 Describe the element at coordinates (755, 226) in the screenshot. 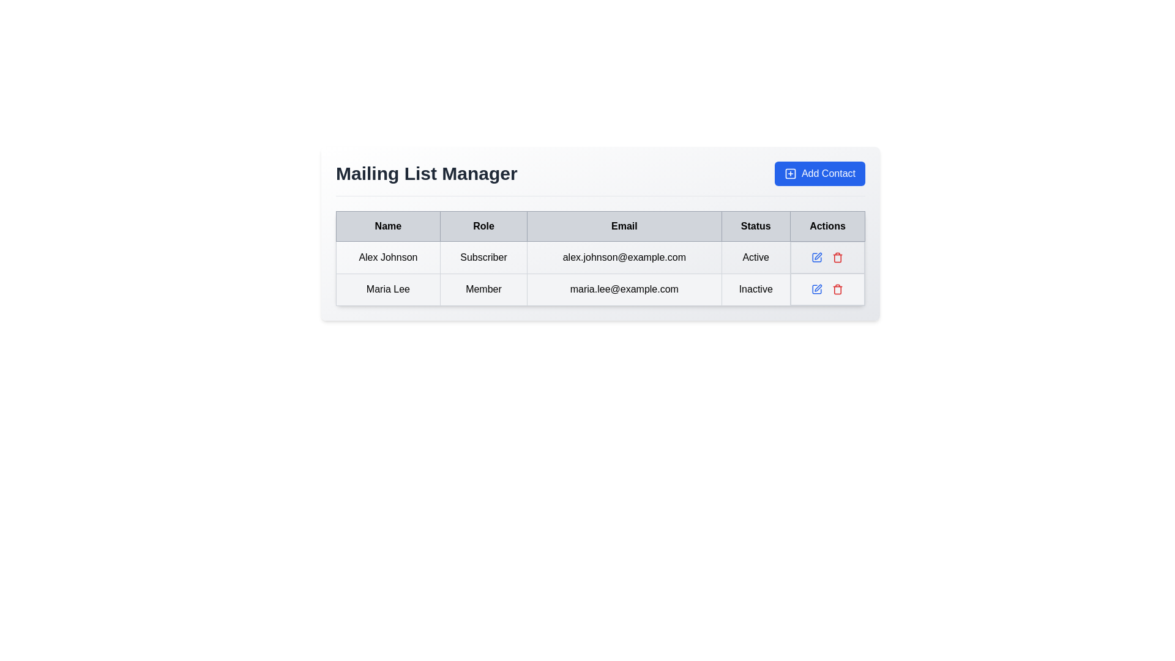

I see `the Table Header Cell labeled 'Status', which is the fourth cell in the header row of the table` at that location.